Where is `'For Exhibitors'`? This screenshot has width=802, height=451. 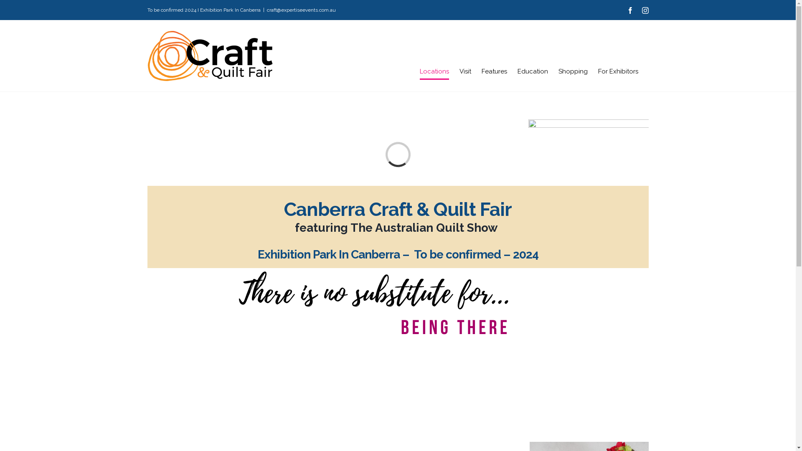
'For Exhibitors' is located at coordinates (618, 71).